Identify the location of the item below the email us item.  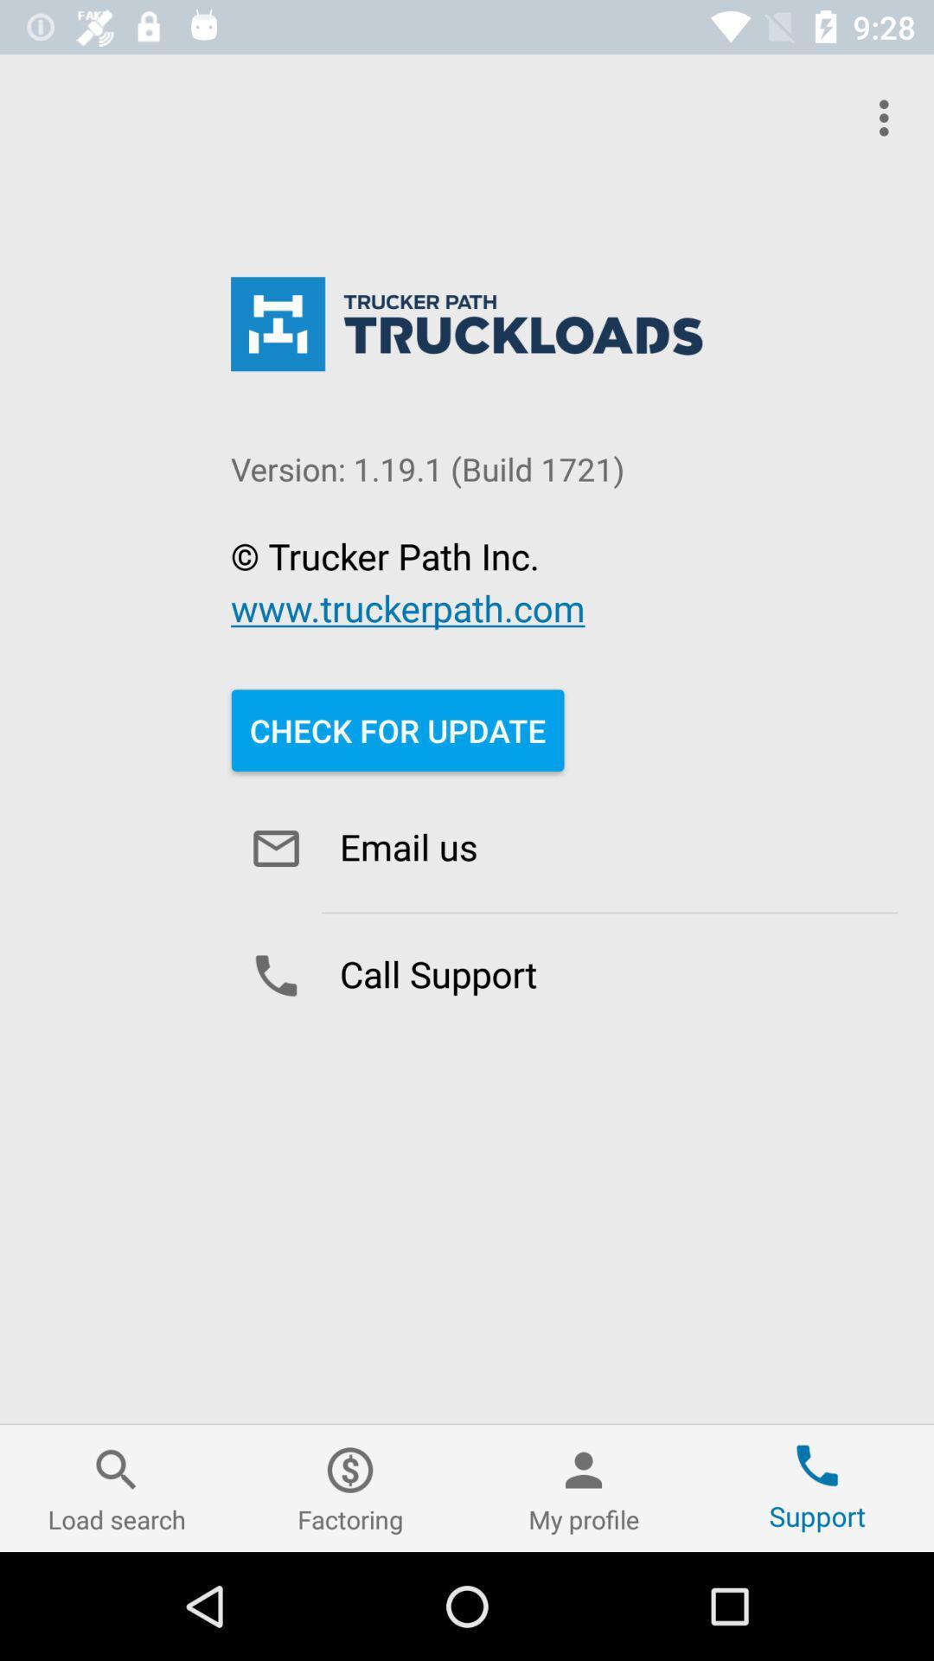
(564, 976).